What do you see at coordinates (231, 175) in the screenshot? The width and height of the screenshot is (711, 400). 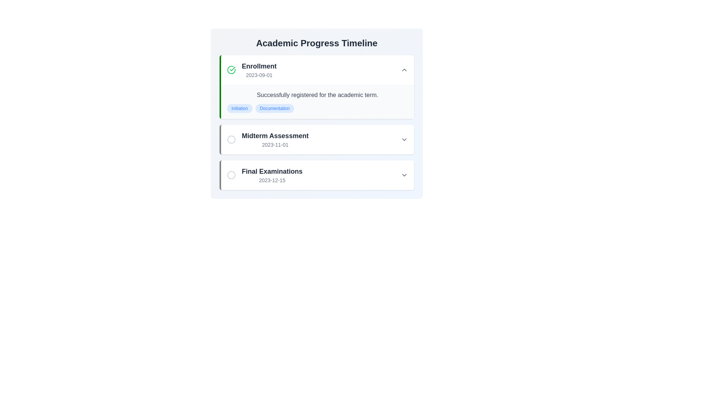 I see `the status icon indicating an unchecked or incomplete state within the academic progress timeline for 'Final Examinations', located to the left of the corresponding text` at bounding box center [231, 175].